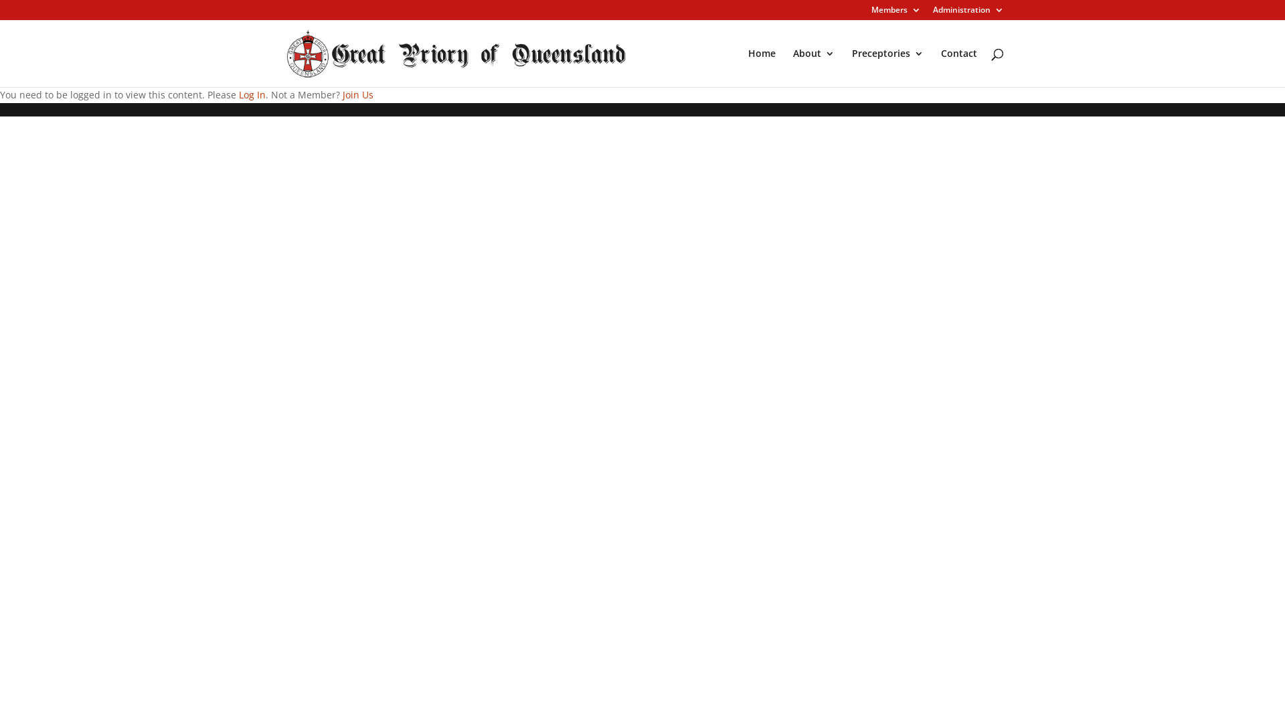 Image resolution: width=1285 pixels, height=723 pixels. What do you see at coordinates (887, 68) in the screenshot?
I see `'Preceptories'` at bounding box center [887, 68].